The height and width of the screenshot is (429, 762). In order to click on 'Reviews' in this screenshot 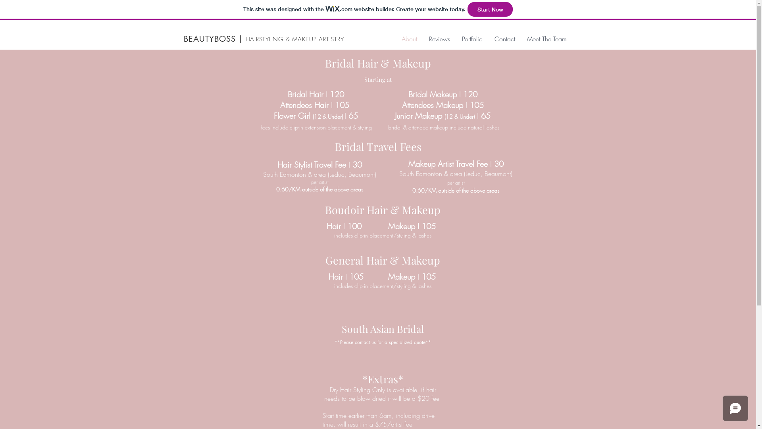, I will do `click(439, 39)`.